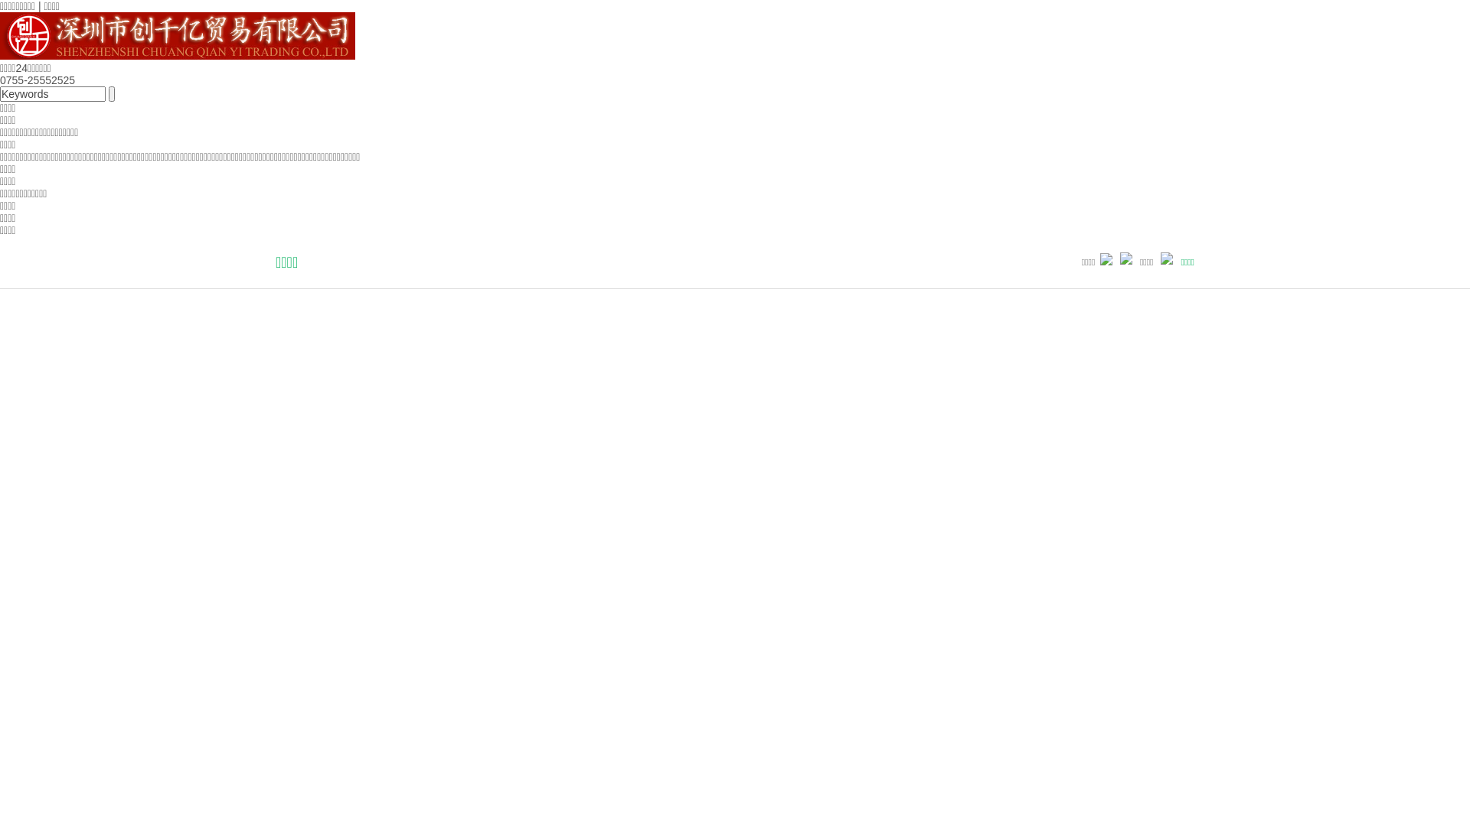 Image resolution: width=1470 pixels, height=826 pixels. I want to click on ' ', so click(110, 94).